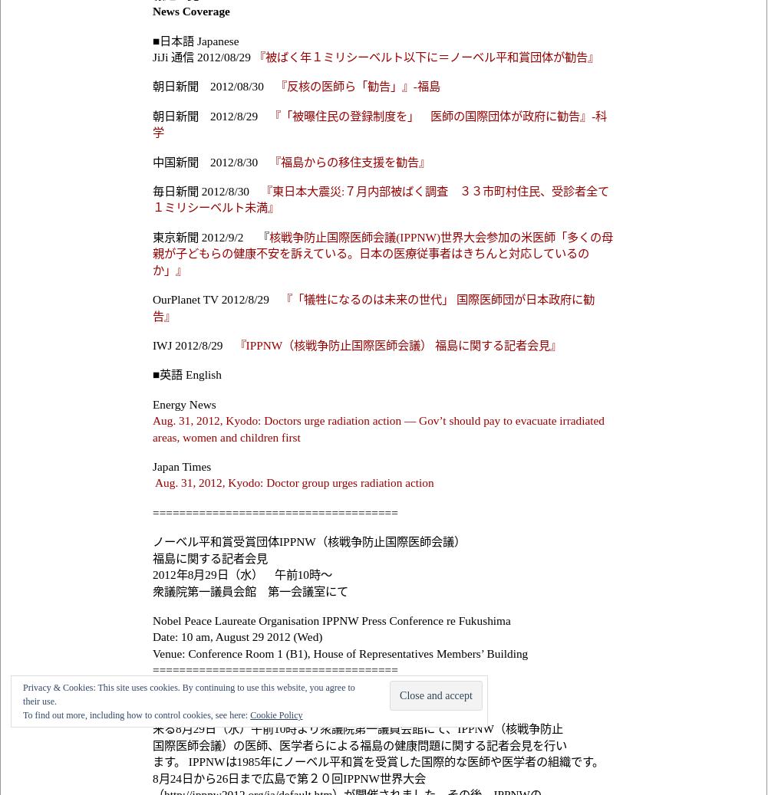 The width and height of the screenshot is (768, 795). What do you see at coordinates (377, 761) in the screenshot?
I see `'ます。 IPPNWは1985年にノーベル平和賞を受賞した国際的な医師や医学者の組織です。'` at bounding box center [377, 761].